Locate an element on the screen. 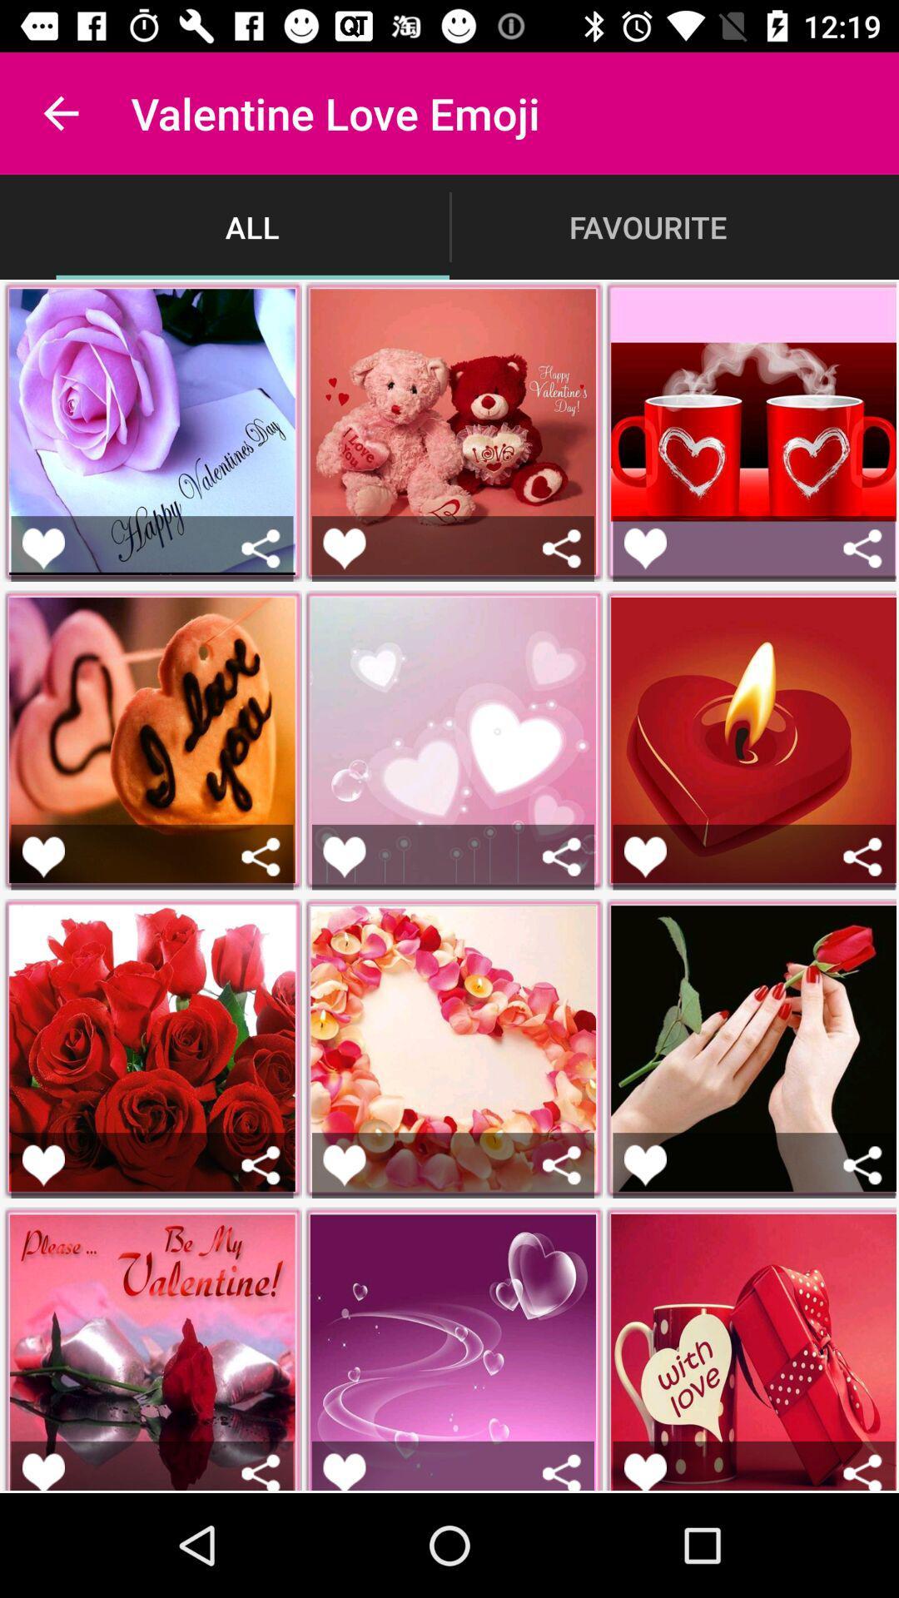  favorite is located at coordinates (42, 548).